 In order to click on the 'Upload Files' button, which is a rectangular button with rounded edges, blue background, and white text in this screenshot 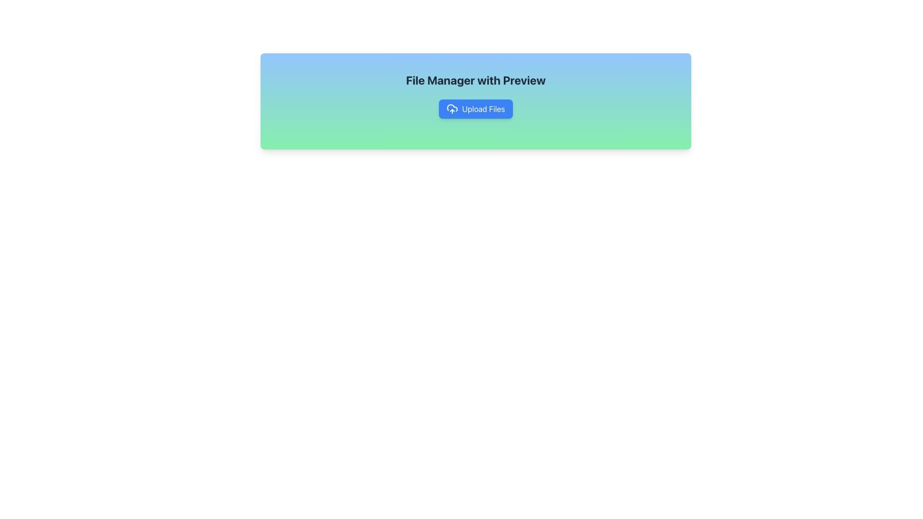, I will do `click(475, 109)`.